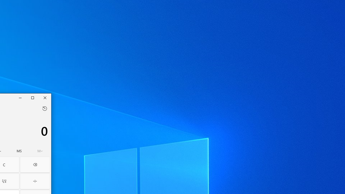 This screenshot has height=194, width=345. What do you see at coordinates (19, 151) in the screenshot?
I see `'Memory store'` at bounding box center [19, 151].